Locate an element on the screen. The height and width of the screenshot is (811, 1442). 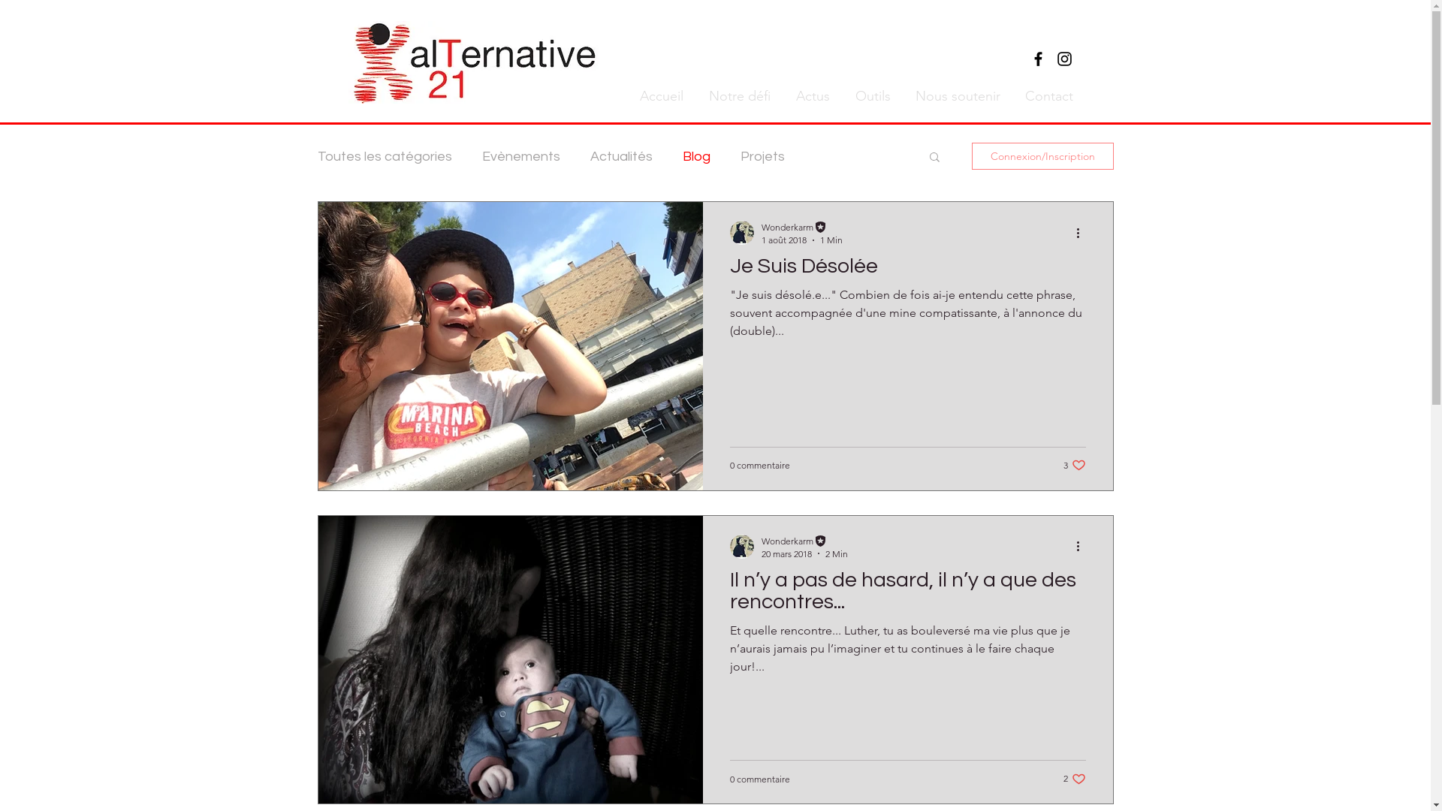
'Nous soutenir' is located at coordinates (955, 95).